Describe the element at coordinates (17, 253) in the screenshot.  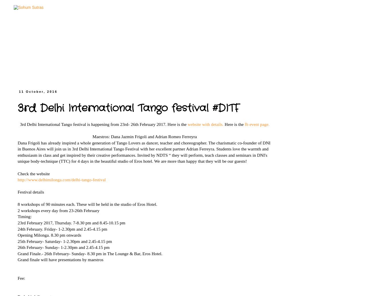
I see `'Grand Finale.- 26th February- Sunday- 8.30 pm in The Lounge & Bar, Eros Hotel.'` at that location.